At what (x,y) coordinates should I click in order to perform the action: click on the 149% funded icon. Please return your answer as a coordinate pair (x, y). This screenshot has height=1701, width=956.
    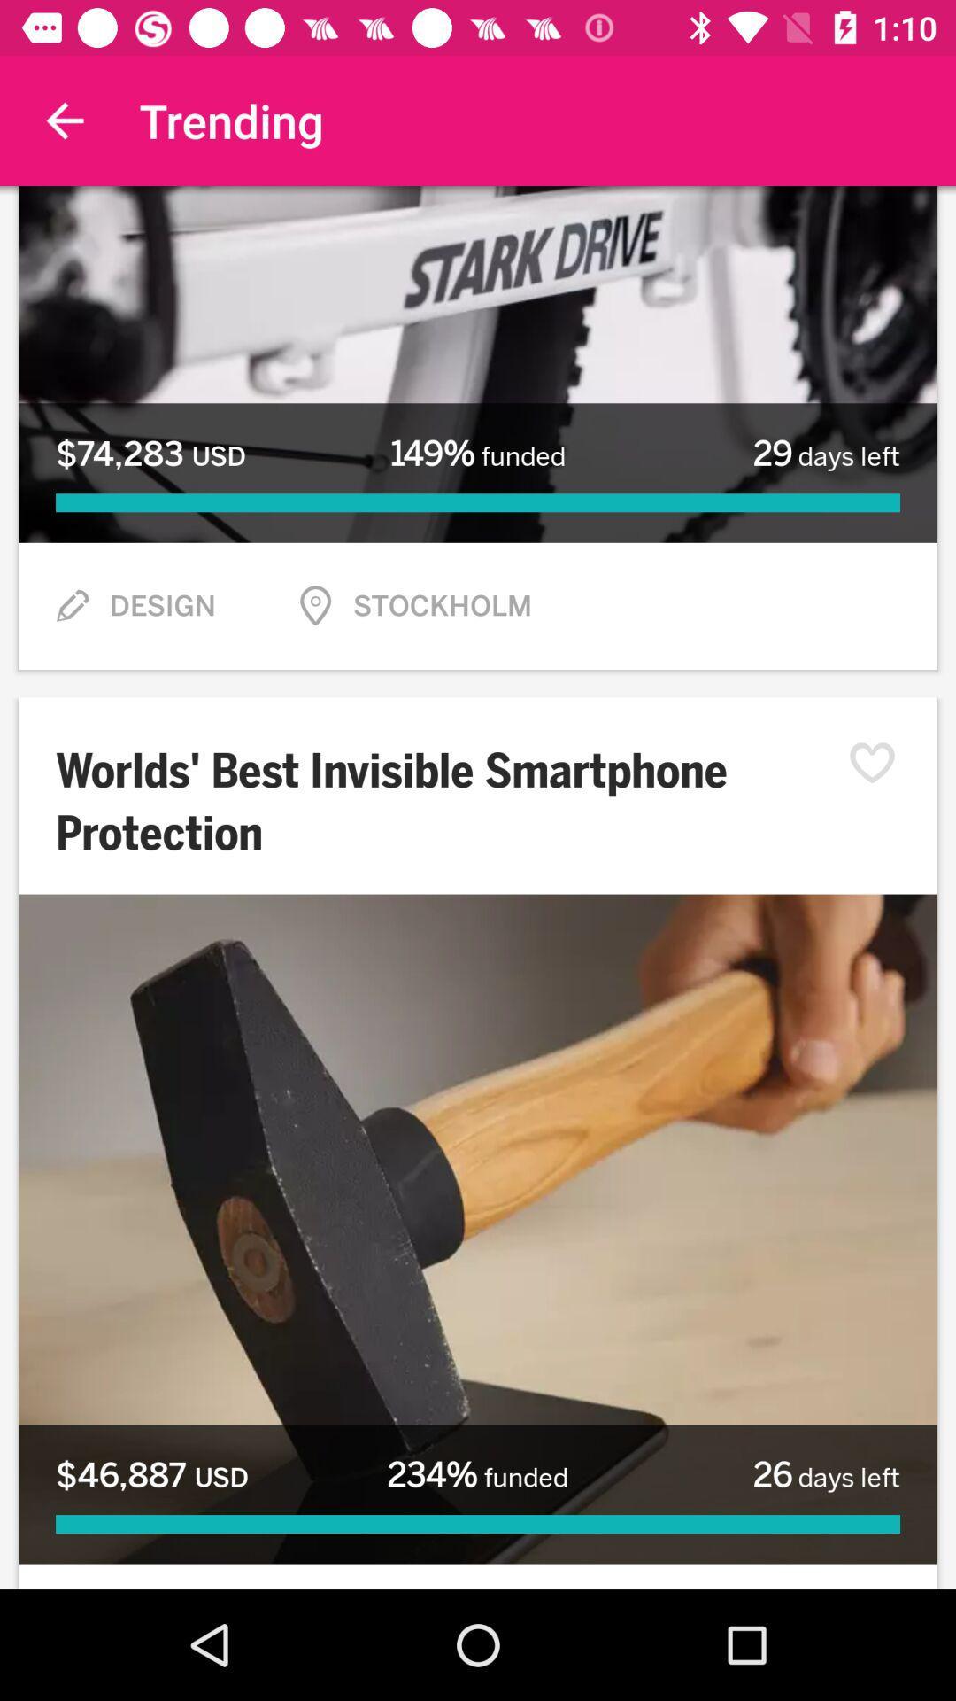
    Looking at the image, I should click on (478, 454).